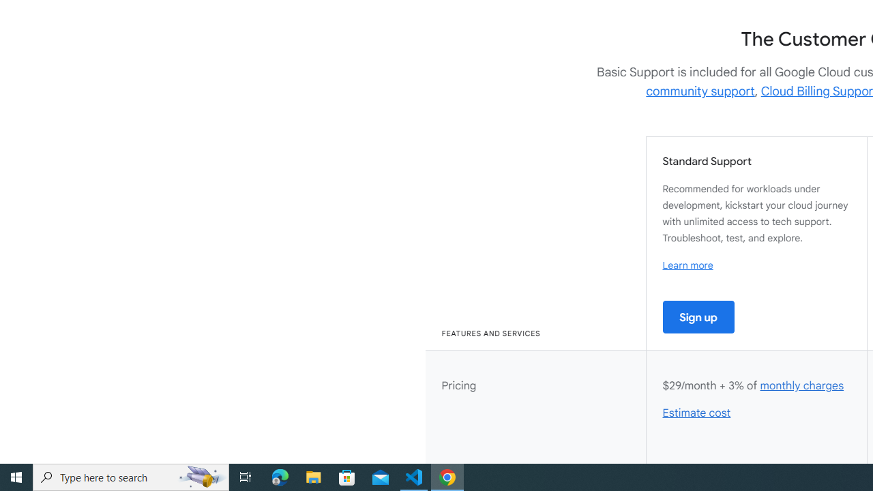 Image resolution: width=873 pixels, height=491 pixels. Describe the element at coordinates (687, 265) in the screenshot. I see `'Learn more'` at that location.